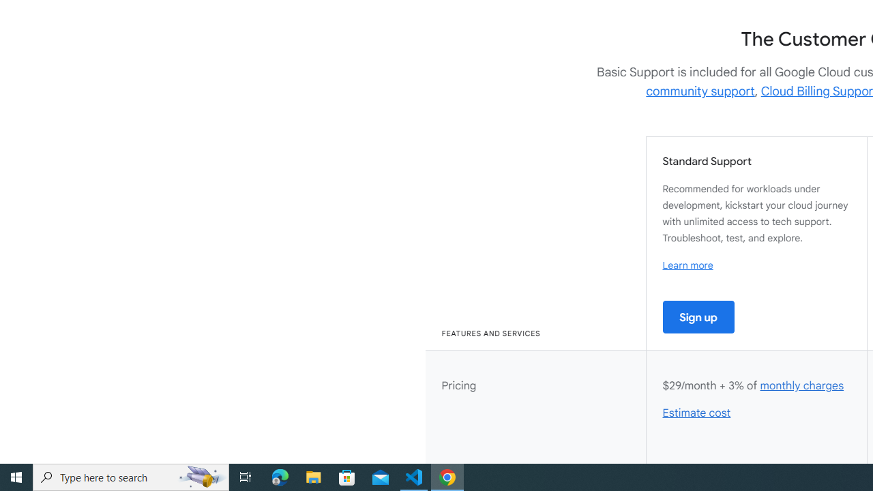 Image resolution: width=873 pixels, height=491 pixels. Describe the element at coordinates (687, 265) in the screenshot. I see `'Learn more'` at that location.